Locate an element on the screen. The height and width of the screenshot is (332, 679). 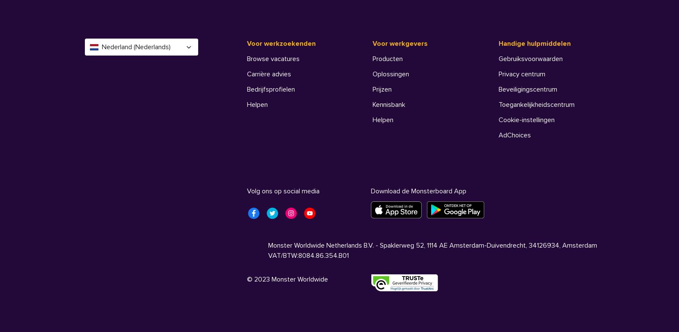
'Carrière advies' is located at coordinates (268, 74).